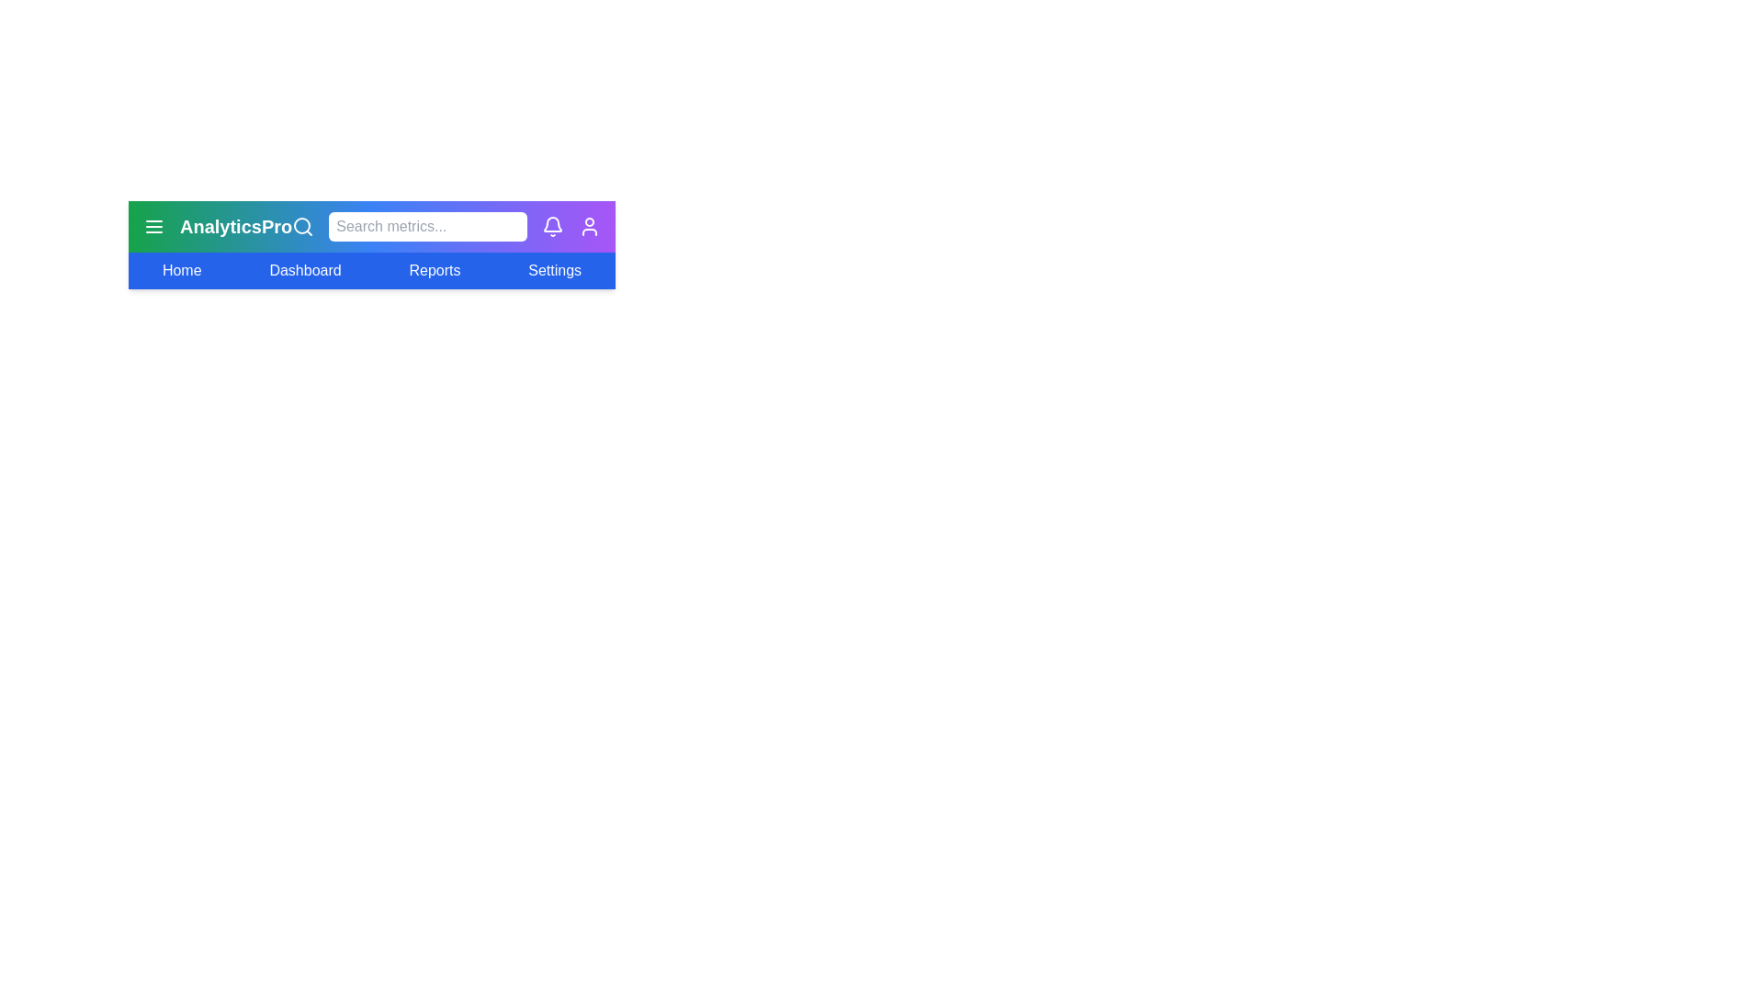  What do you see at coordinates (552, 225) in the screenshot?
I see `the notification icon to view notifications` at bounding box center [552, 225].